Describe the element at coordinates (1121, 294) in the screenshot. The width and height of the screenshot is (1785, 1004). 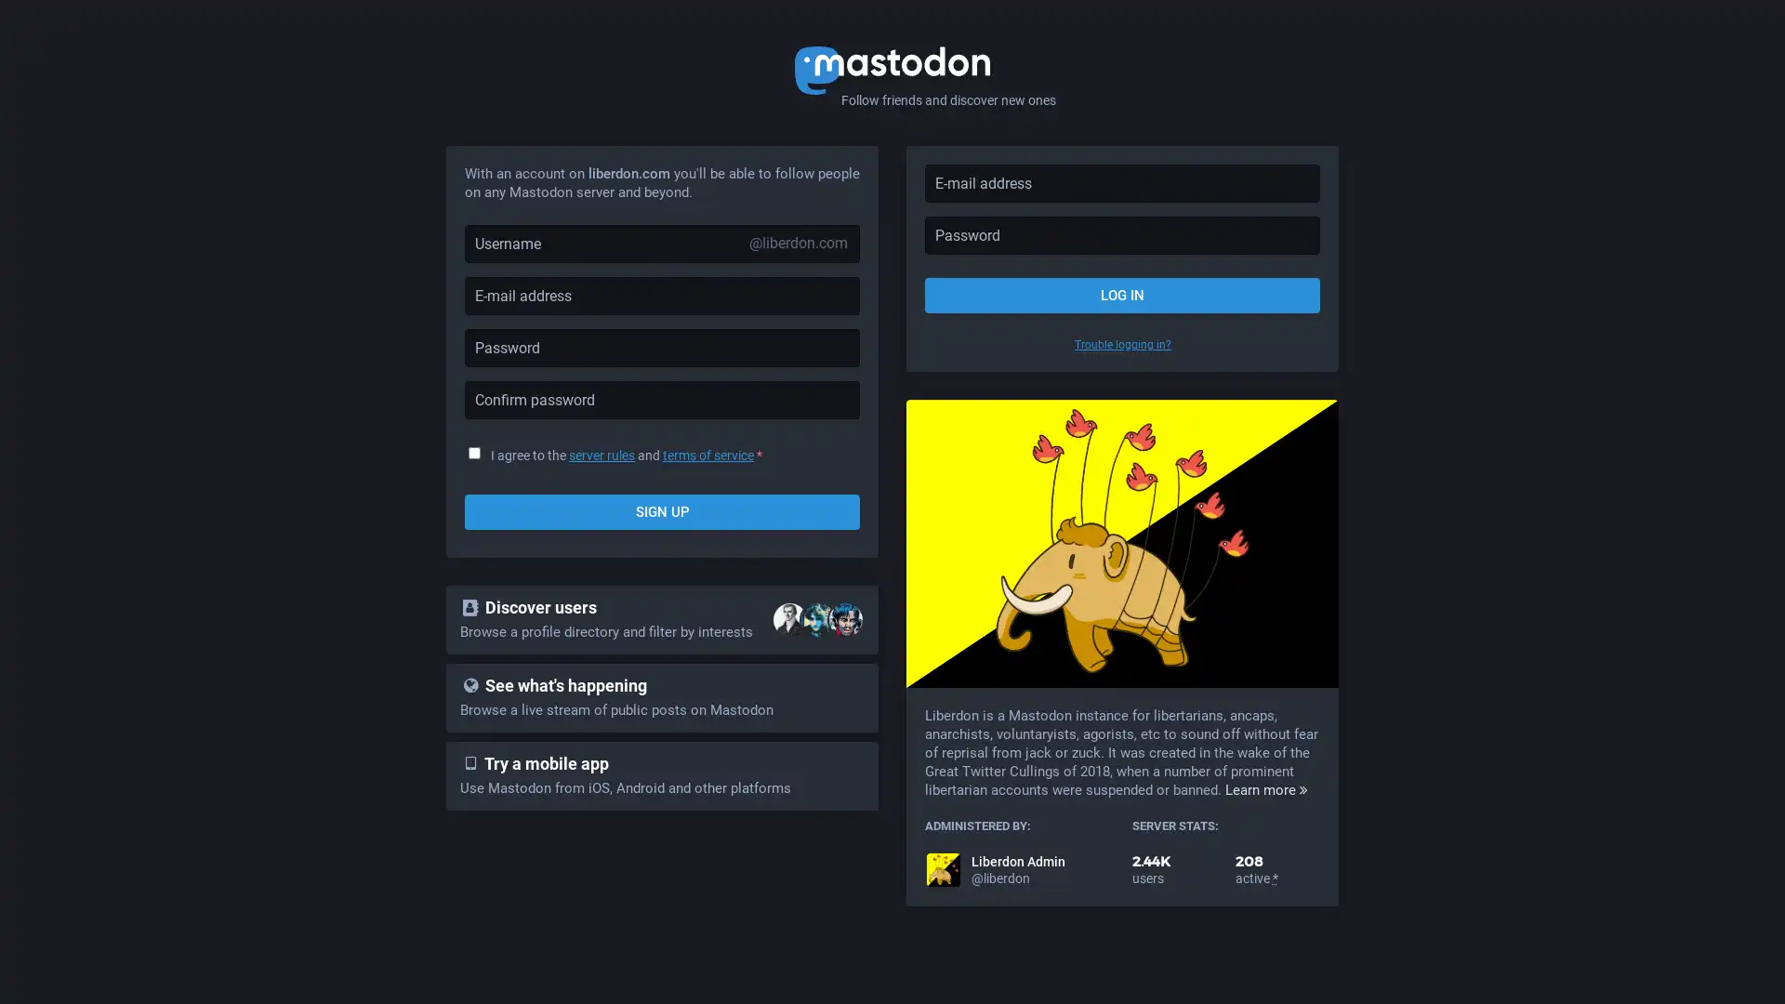
I see `LOG IN` at that location.